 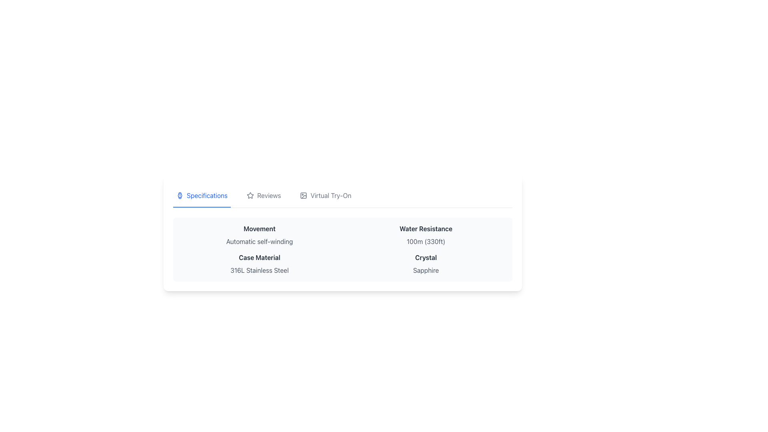 What do you see at coordinates (331, 196) in the screenshot?
I see `the static text label displaying 'Virtual Try-On' which is styled in gray and positioned to the right of an icon` at bounding box center [331, 196].